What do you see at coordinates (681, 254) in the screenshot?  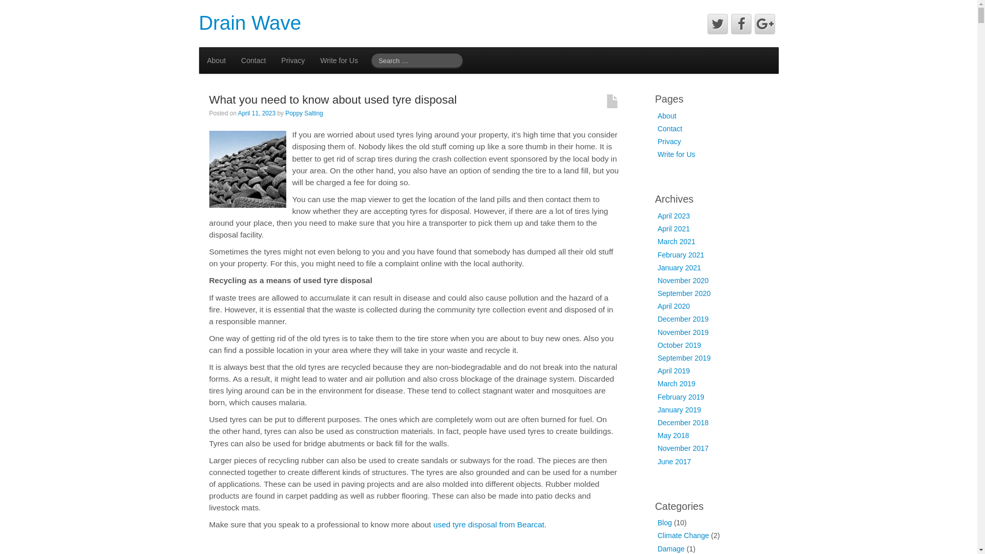 I see `'February 2021'` at bounding box center [681, 254].